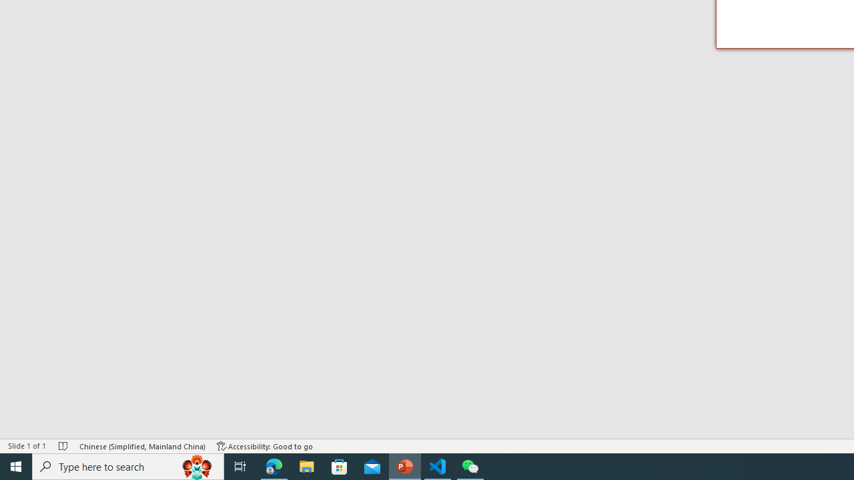 Image resolution: width=854 pixels, height=480 pixels. What do you see at coordinates (274, 465) in the screenshot?
I see `'Microsoft Edge - 1 running window'` at bounding box center [274, 465].